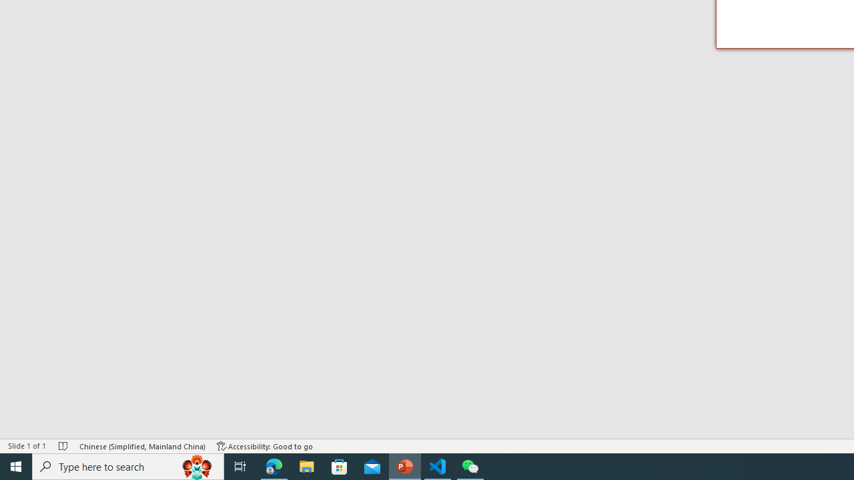 Image resolution: width=854 pixels, height=480 pixels. What do you see at coordinates (274, 465) in the screenshot?
I see `'Microsoft Edge - 1 running window'` at bounding box center [274, 465].